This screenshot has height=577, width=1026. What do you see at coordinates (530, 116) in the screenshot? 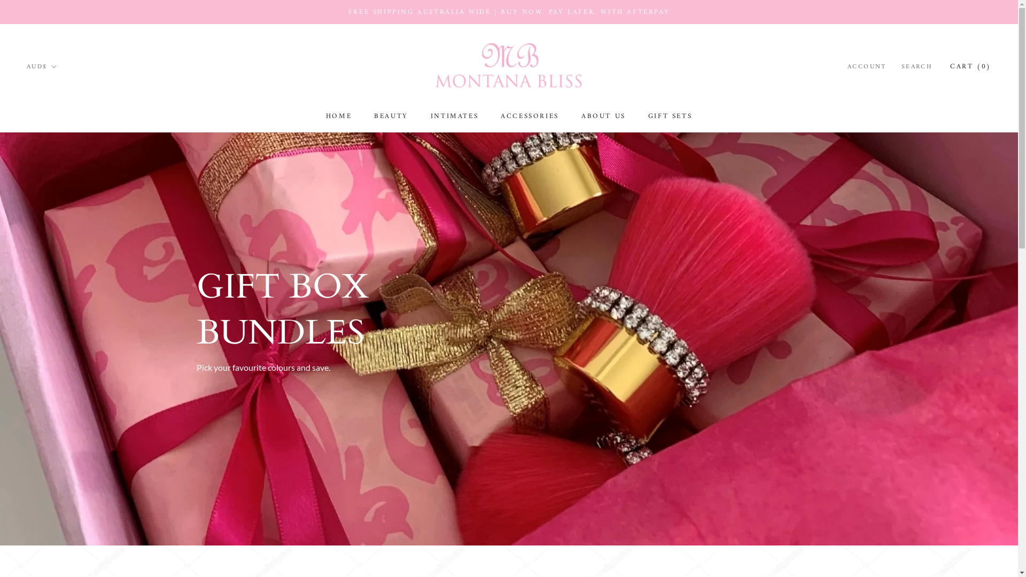
I see `'ACCESSORIES` at bounding box center [530, 116].